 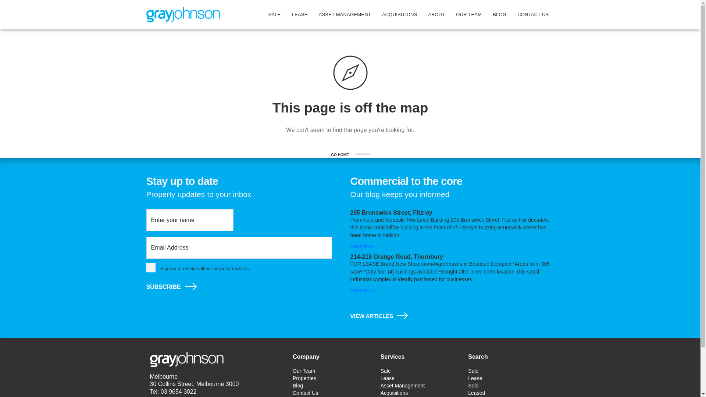 I want to click on 'SALE', so click(x=274, y=14).